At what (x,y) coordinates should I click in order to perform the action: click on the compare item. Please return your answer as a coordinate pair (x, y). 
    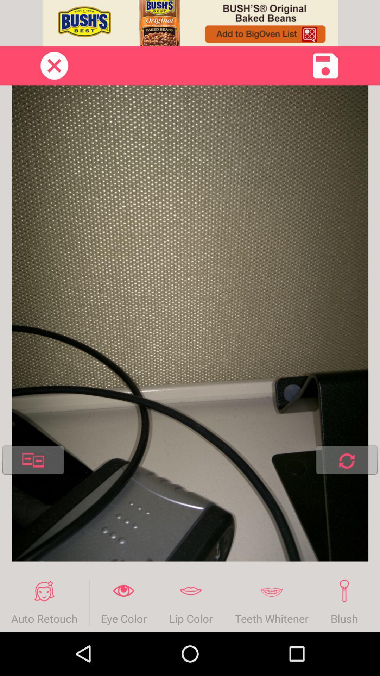
    Looking at the image, I should click on (33, 461).